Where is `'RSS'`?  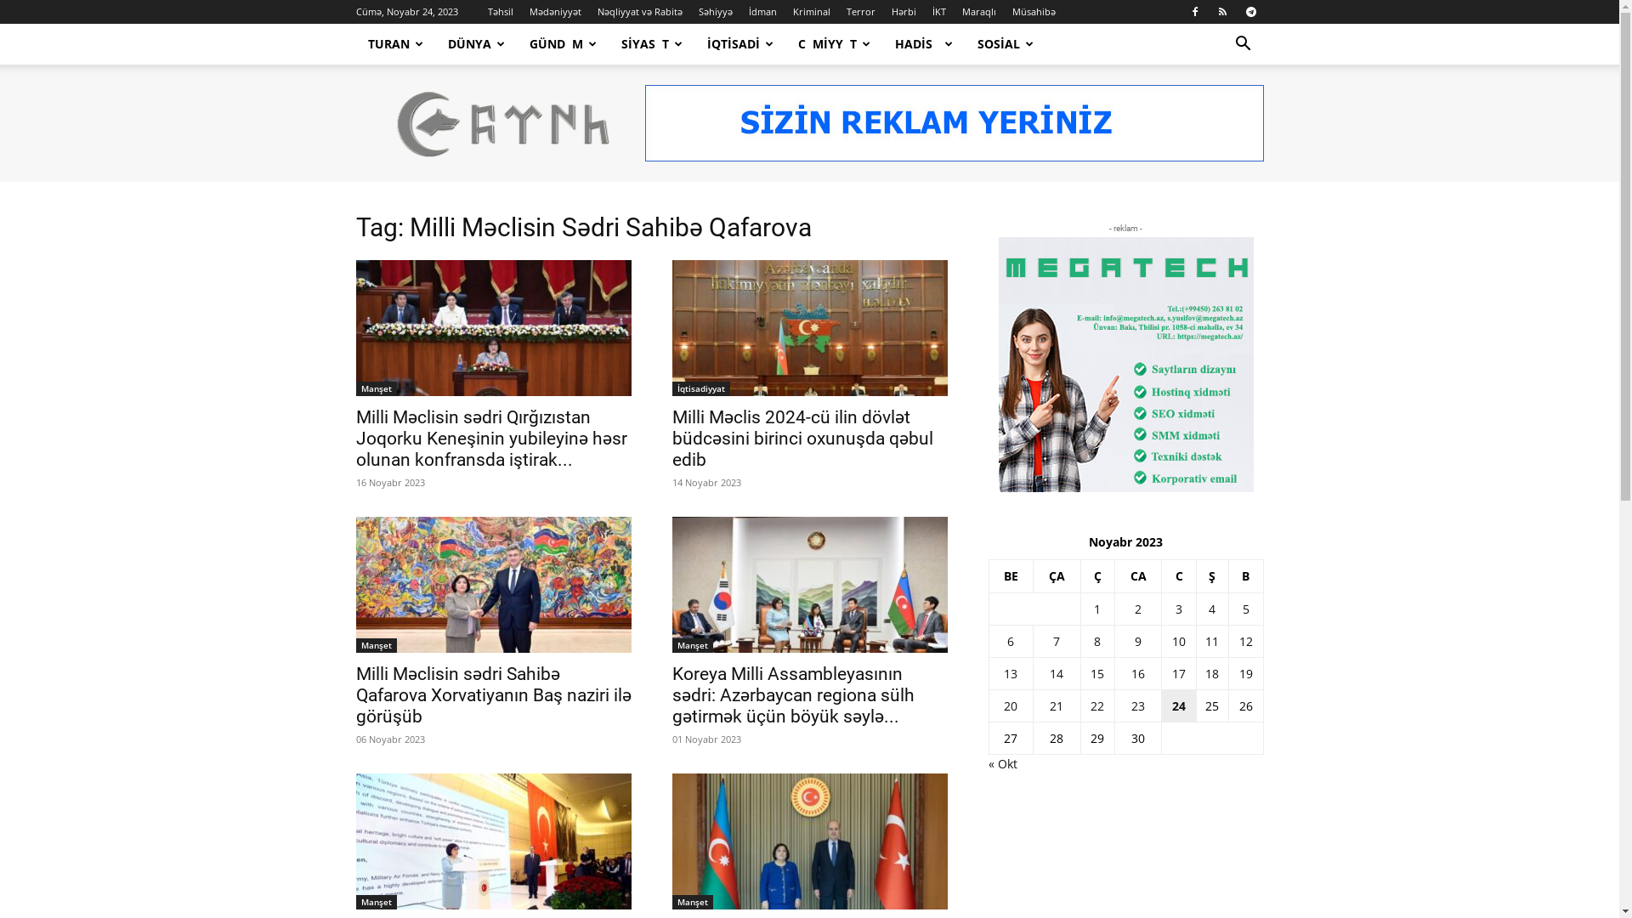 'RSS' is located at coordinates (1222, 12).